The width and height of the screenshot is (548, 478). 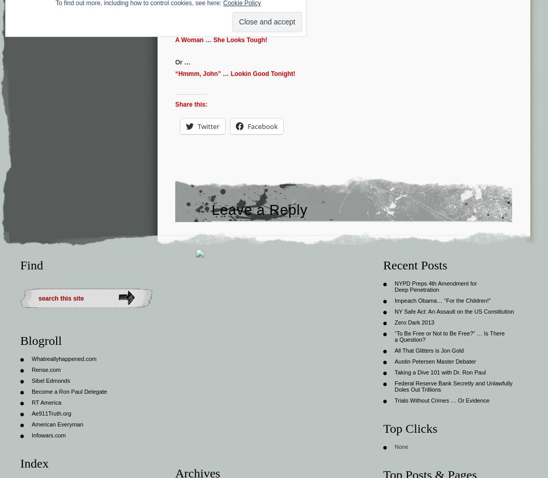 What do you see at coordinates (440, 371) in the screenshot?
I see `'Taking a Dive 101 with Dr. Ron Paul'` at bounding box center [440, 371].